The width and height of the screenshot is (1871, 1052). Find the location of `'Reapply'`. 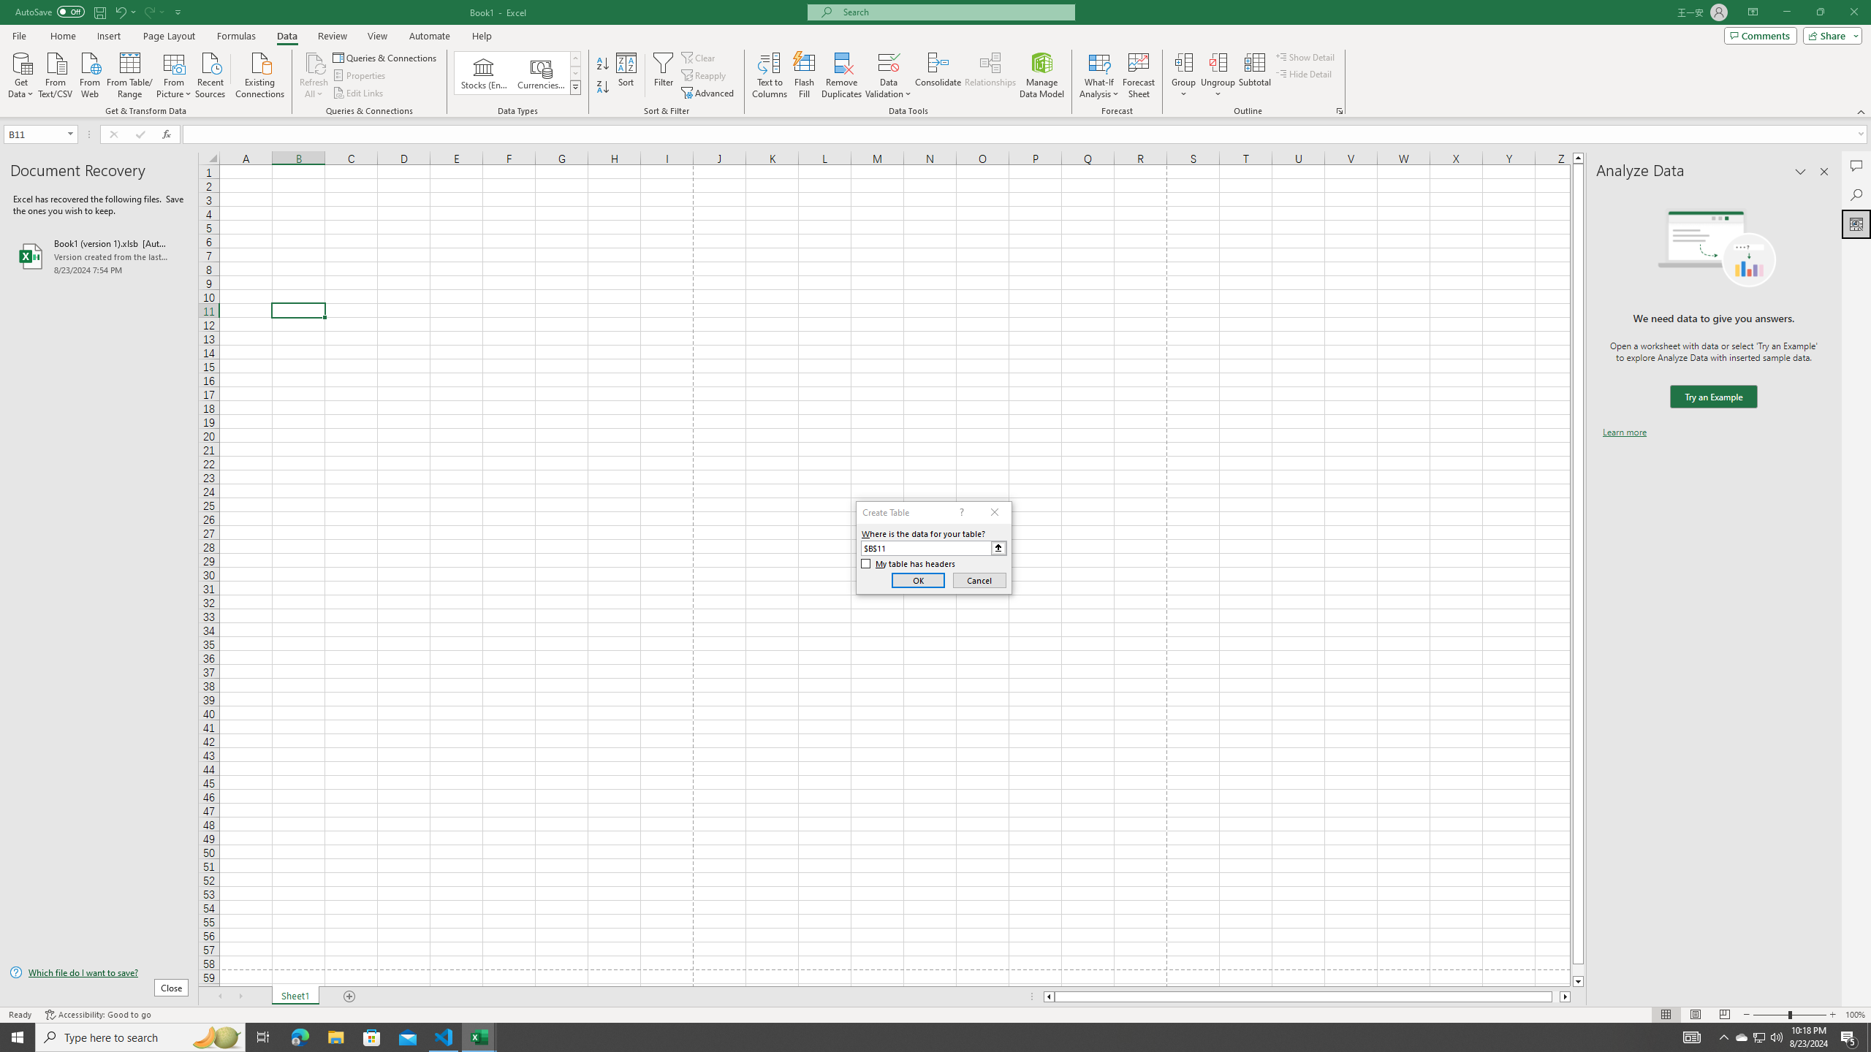

'Reapply' is located at coordinates (705, 75).